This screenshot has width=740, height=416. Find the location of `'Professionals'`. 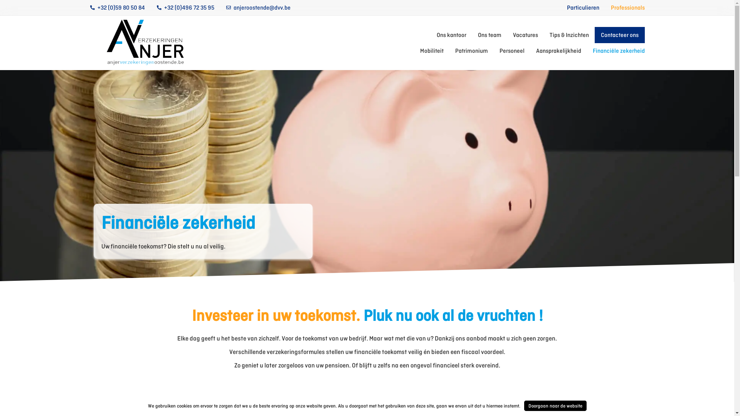

'Professionals' is located at coordinates (627, 7).